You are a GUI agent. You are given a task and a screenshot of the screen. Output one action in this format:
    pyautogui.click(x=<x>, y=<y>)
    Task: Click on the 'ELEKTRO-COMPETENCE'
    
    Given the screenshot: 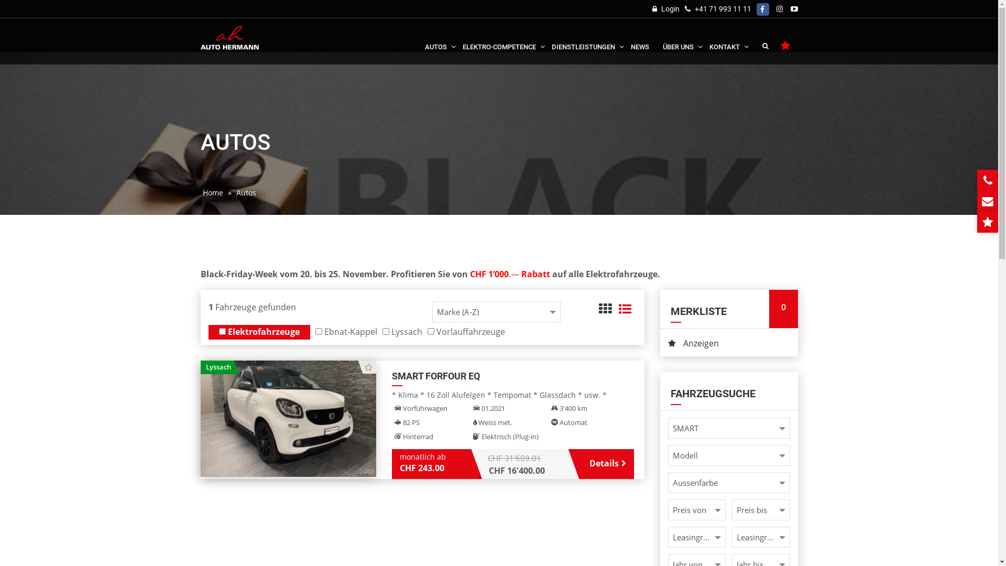 What is the action you would take?
    pyautogui.click(x=500, y=39)
    